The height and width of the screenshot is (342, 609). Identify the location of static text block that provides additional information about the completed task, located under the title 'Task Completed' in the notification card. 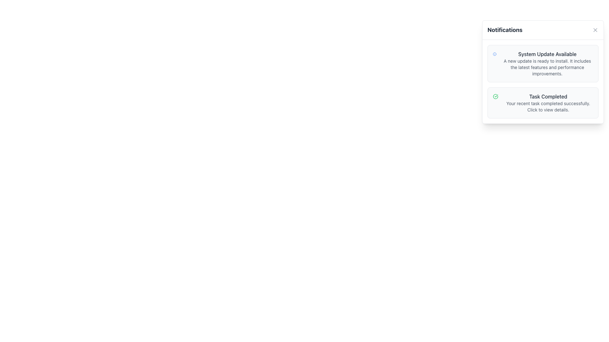
(548, 106).